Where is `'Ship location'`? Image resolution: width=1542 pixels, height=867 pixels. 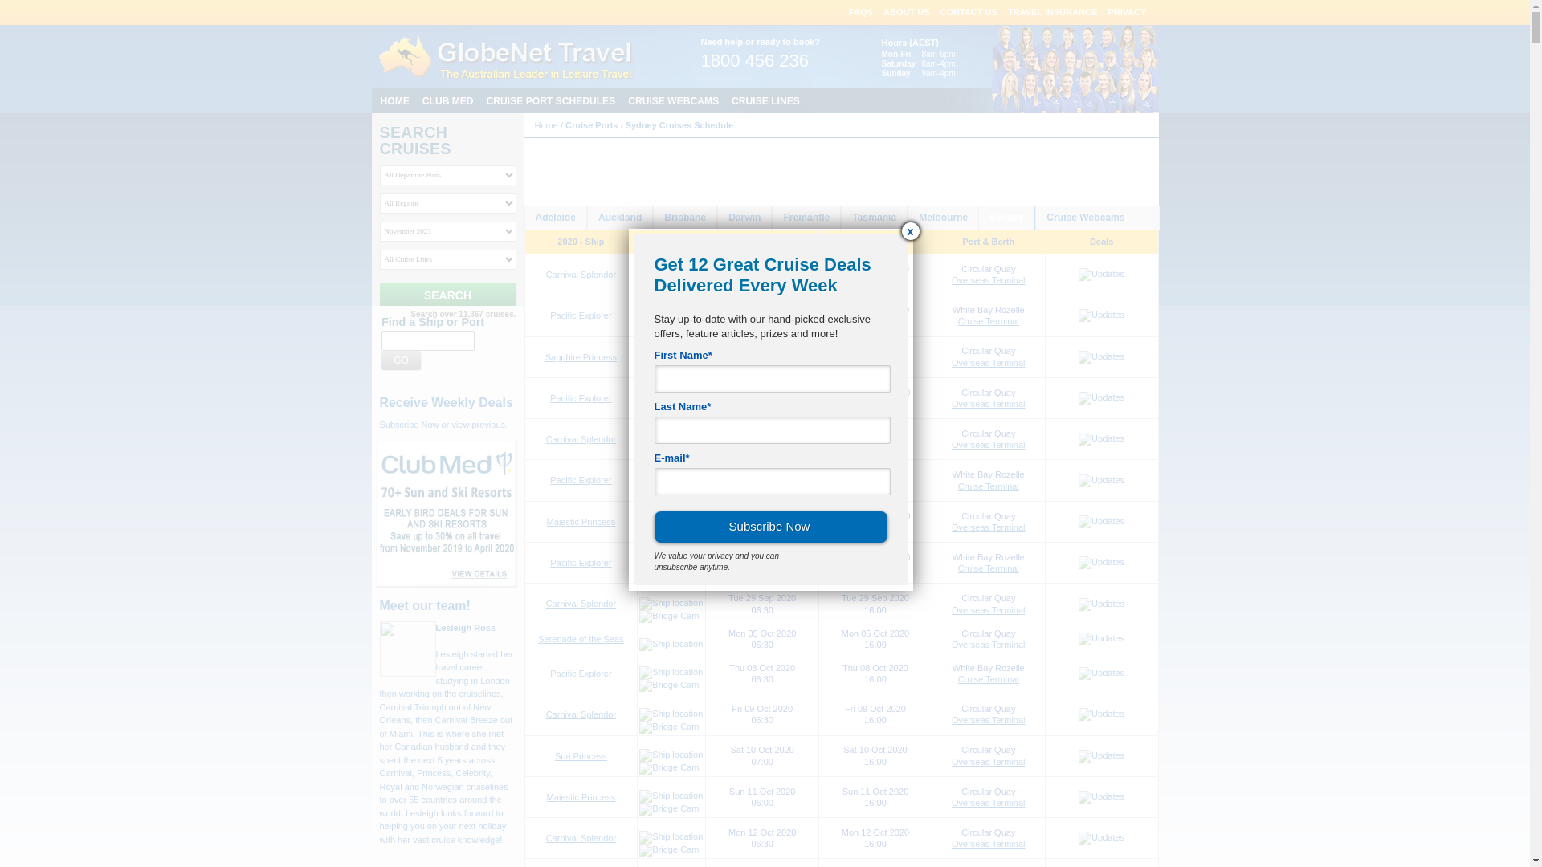
'Ship location' is located at coordinates (638, 397).